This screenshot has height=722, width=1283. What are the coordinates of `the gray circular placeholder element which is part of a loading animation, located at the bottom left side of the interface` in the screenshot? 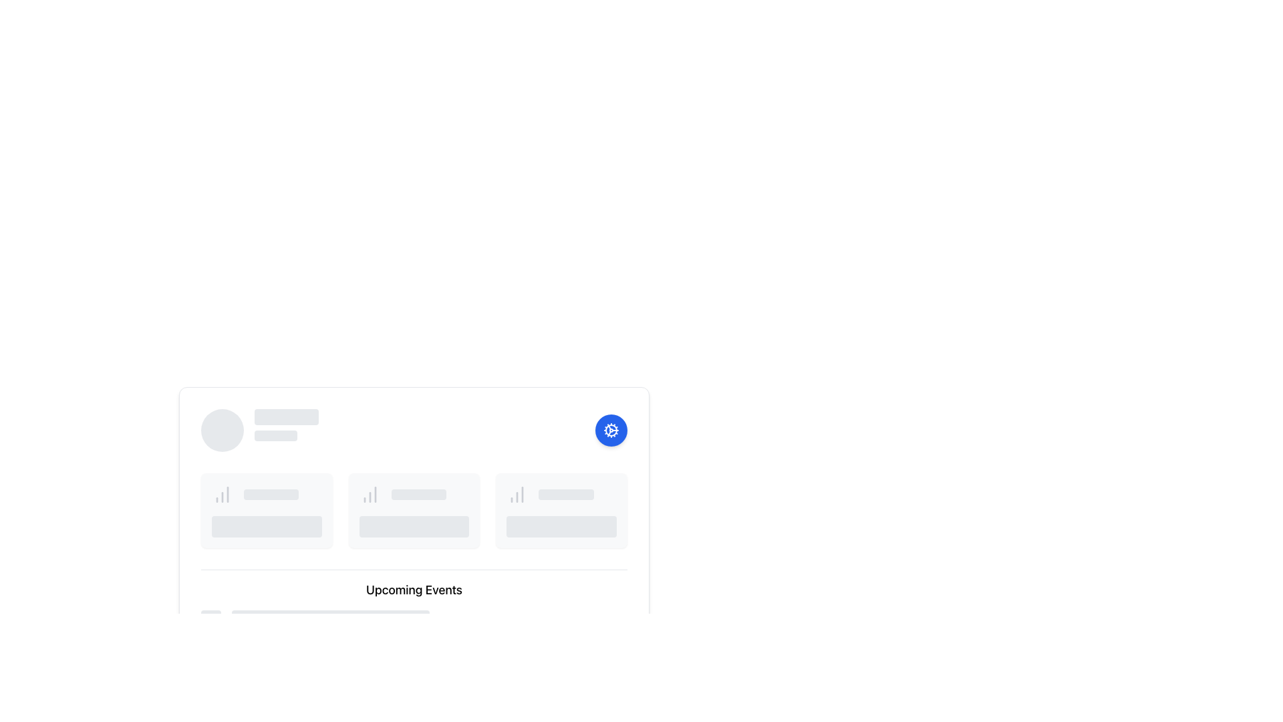 It's located at (210, 621).